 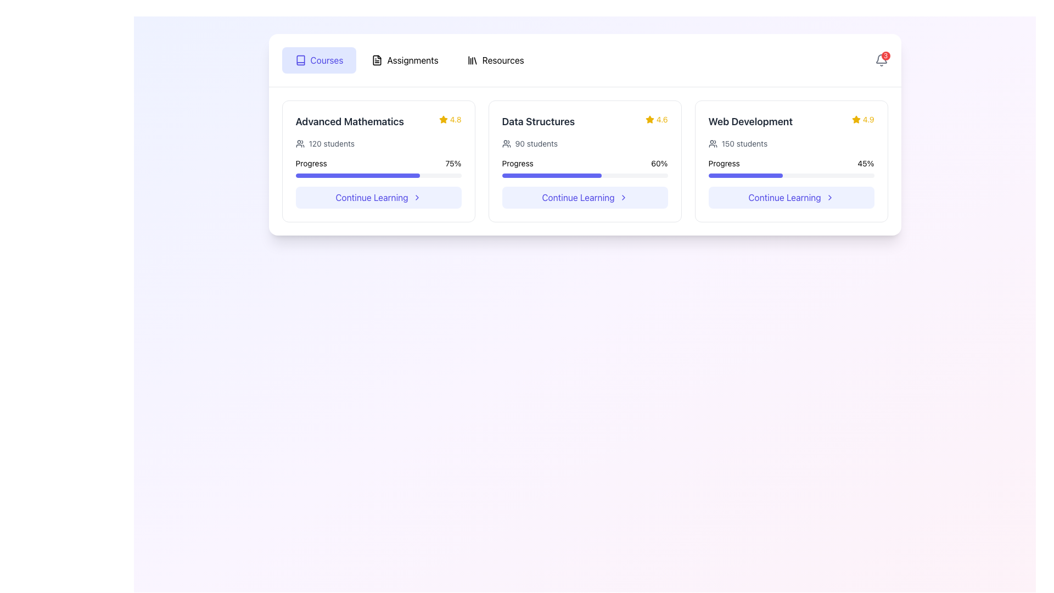 What do you see at coordinates (584, 167) in the screenshot?
I see `the progress displayed in the progress bar labeled 'Progress' showing 60% completion, located within the 'Data Structures' card` at bounding box center [584, 167].